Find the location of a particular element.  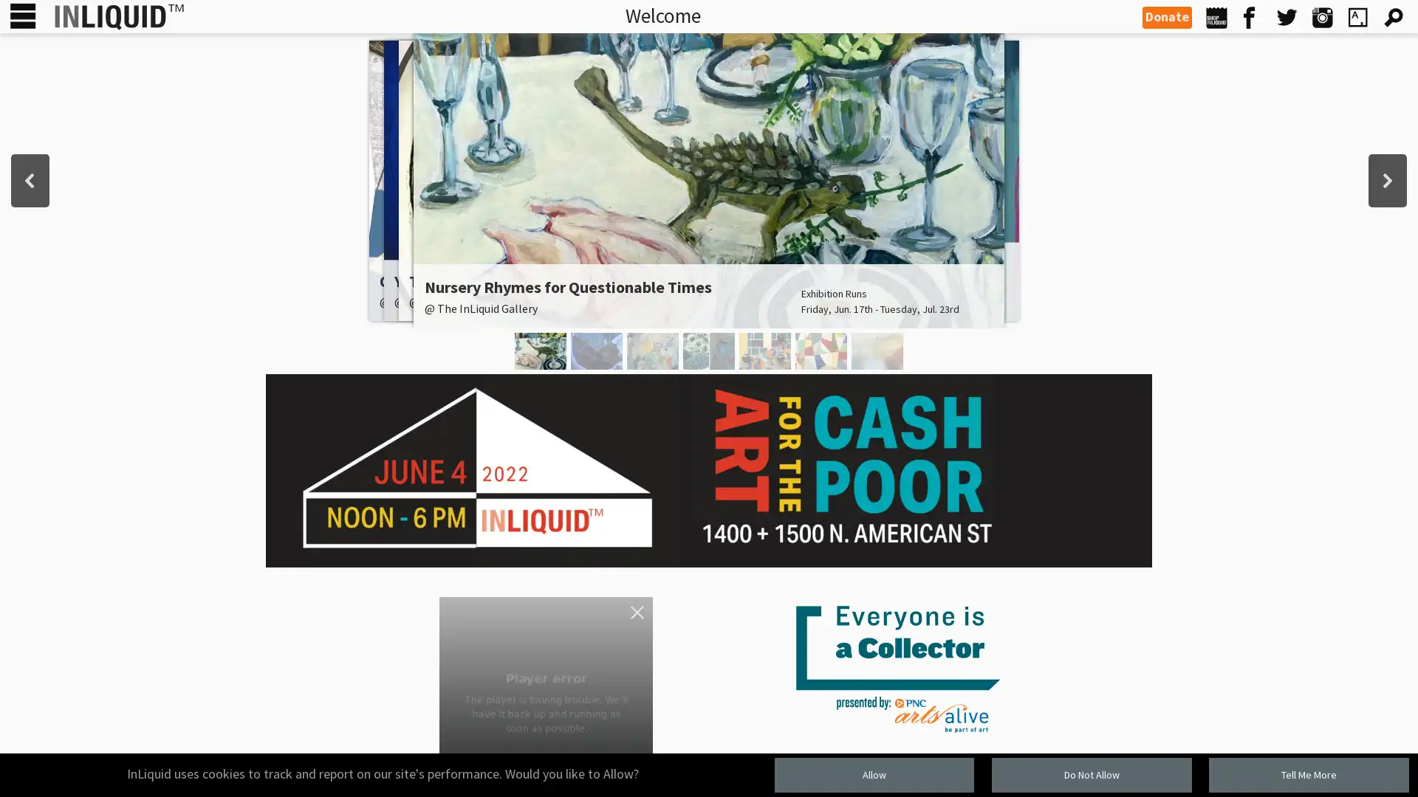

You Are Here is located at coordinates (596, 351).